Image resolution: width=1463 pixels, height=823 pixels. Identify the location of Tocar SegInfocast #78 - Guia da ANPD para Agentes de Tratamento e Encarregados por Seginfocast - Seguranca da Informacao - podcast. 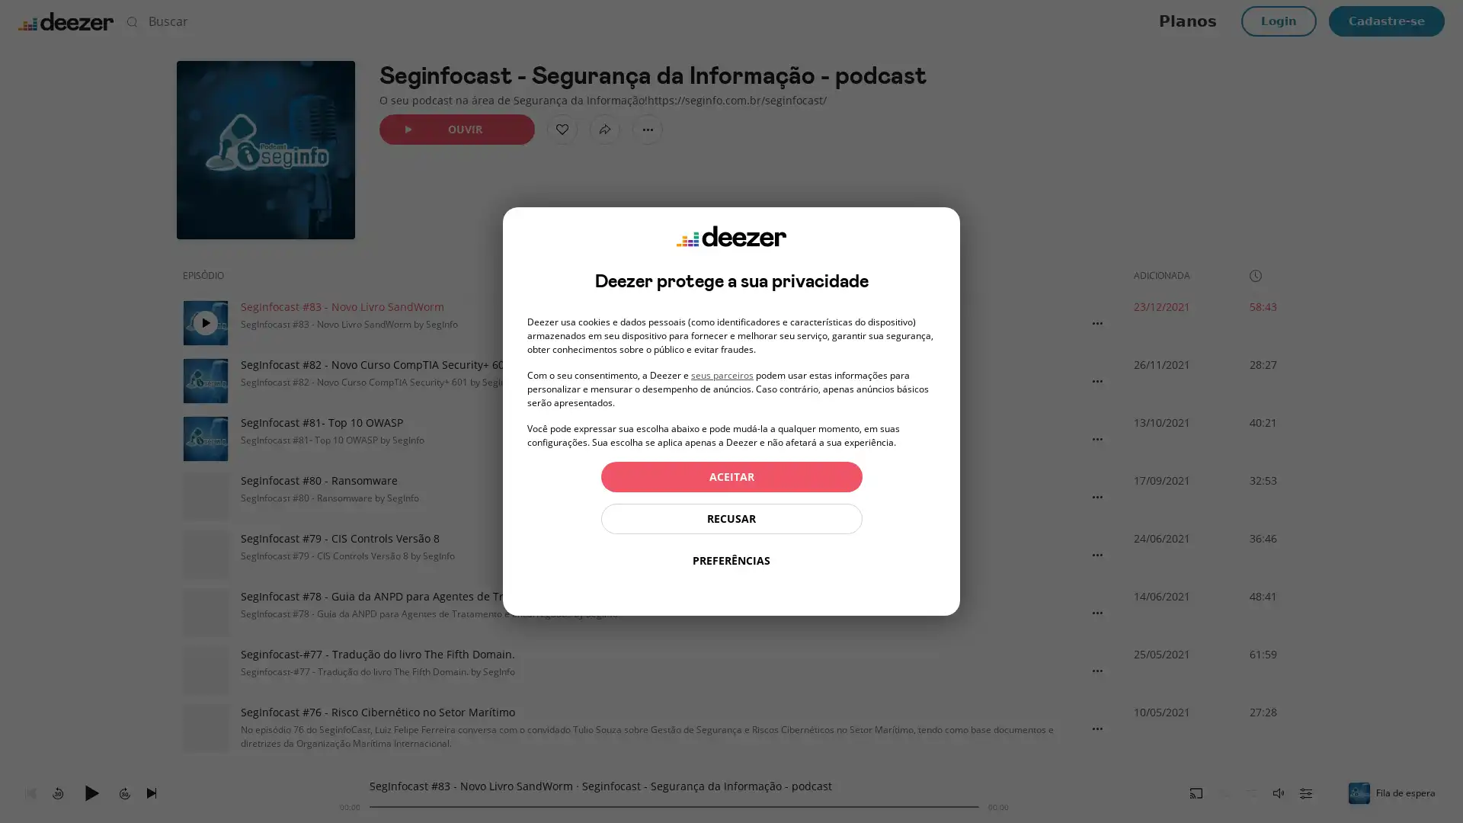
(204, 611).